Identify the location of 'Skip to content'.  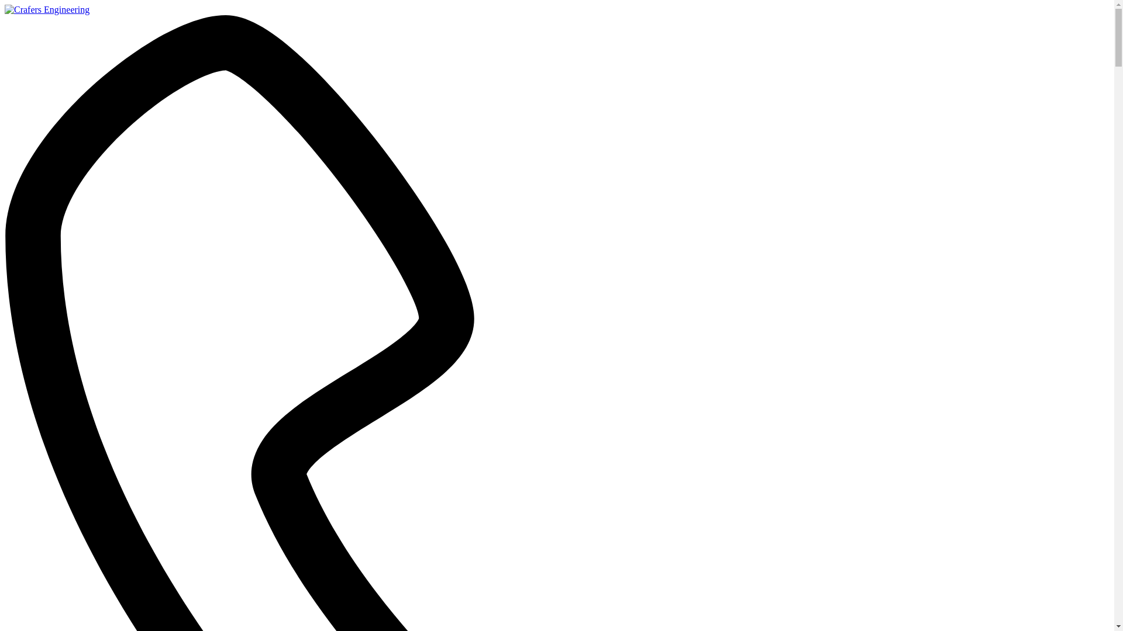
(4, 4).